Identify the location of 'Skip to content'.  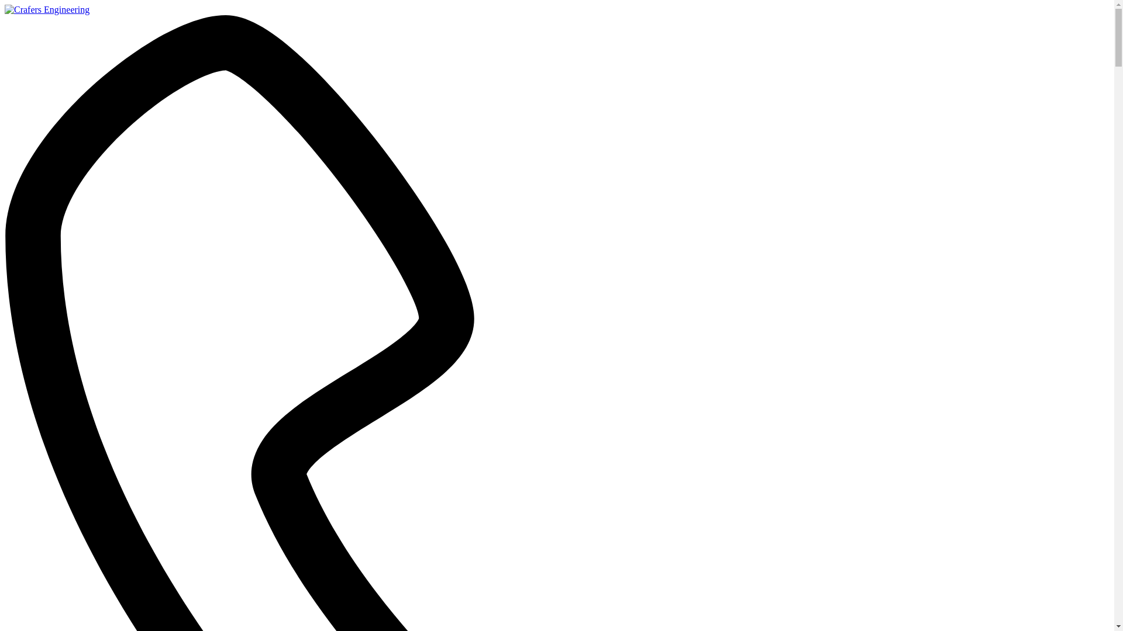
(4, 4).